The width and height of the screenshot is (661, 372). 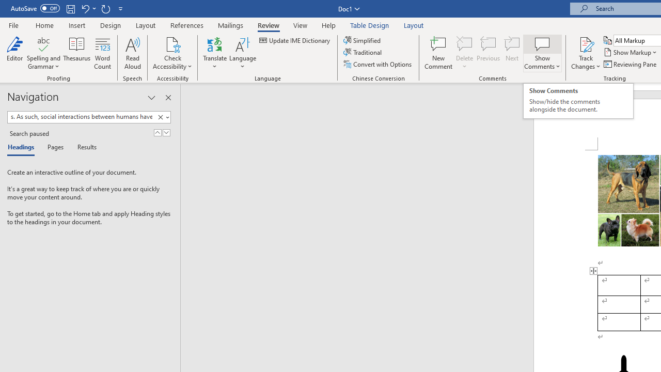 What do you see at coordinates (81, 116) in the screenshot?
I see `'Search document'` at bounding box center [81, 116].